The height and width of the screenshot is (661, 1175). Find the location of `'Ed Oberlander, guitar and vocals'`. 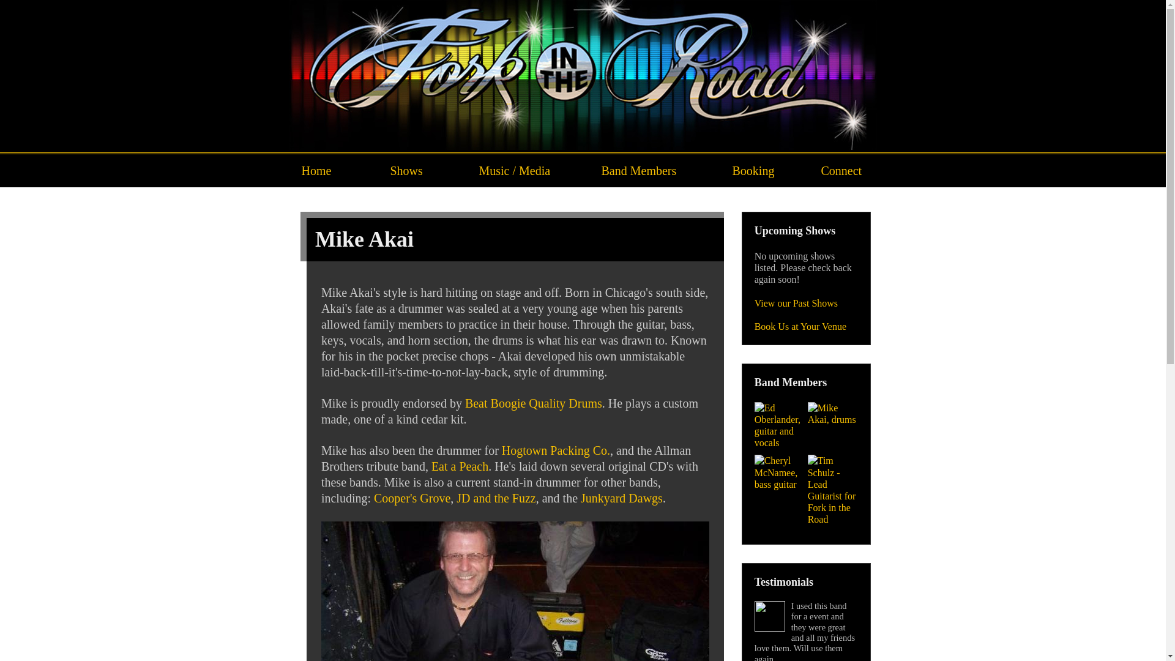

'Ed Oberlander, guitar and vocals' is located at coordinates (778, 425).